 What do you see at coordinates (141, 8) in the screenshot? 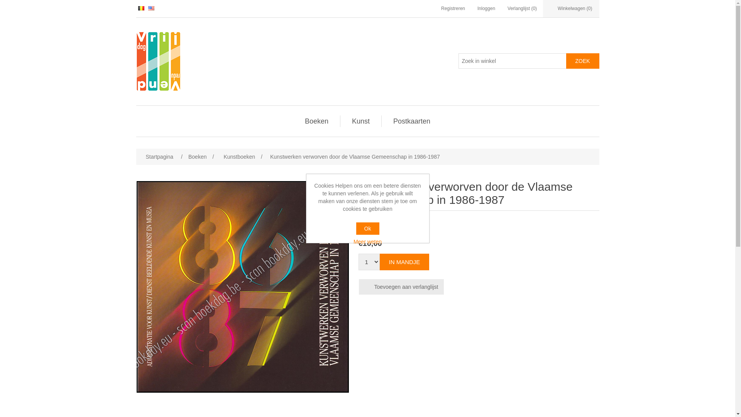
I see `'Nederlands'` at bounding box center [141, 8].